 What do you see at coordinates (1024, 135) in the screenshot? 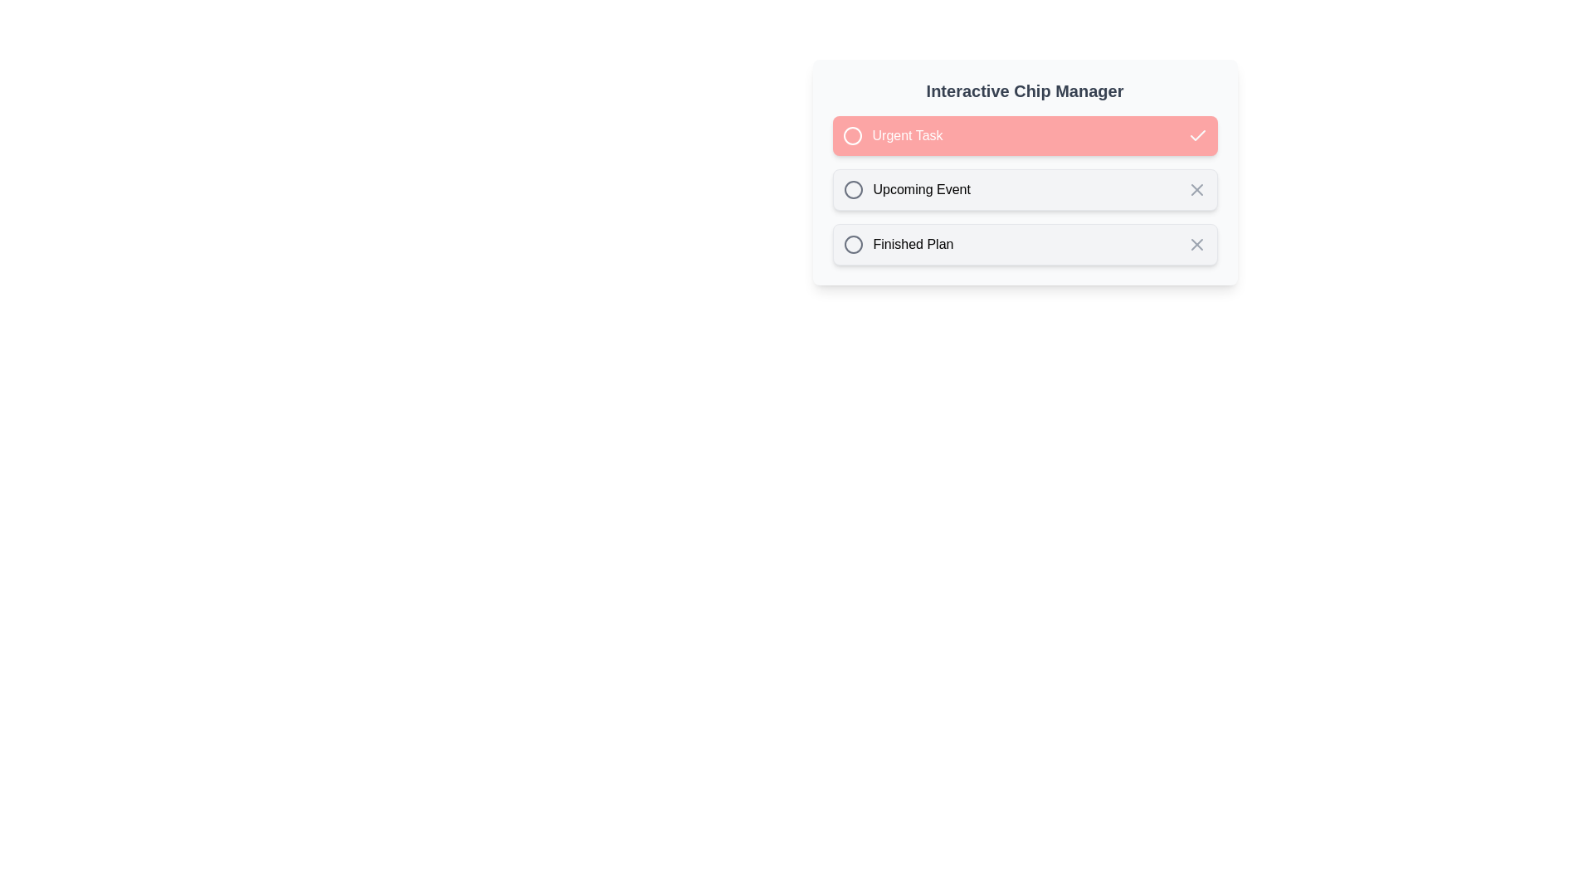
I see `the chip labeled Urgent Task to toggle its selection state` at bounding box center [1024, 135].